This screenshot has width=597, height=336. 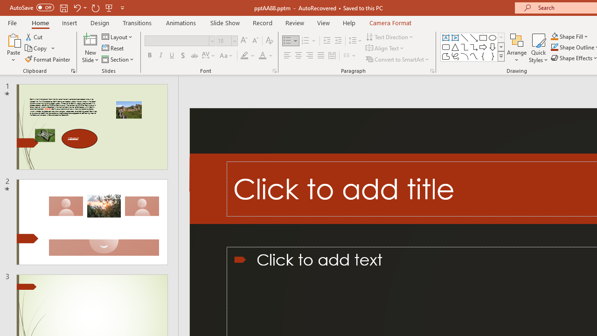 What do you see at coordinates (117, 36) in the screenshot?
I see `'Layout'` at bounding box center [117, 36].